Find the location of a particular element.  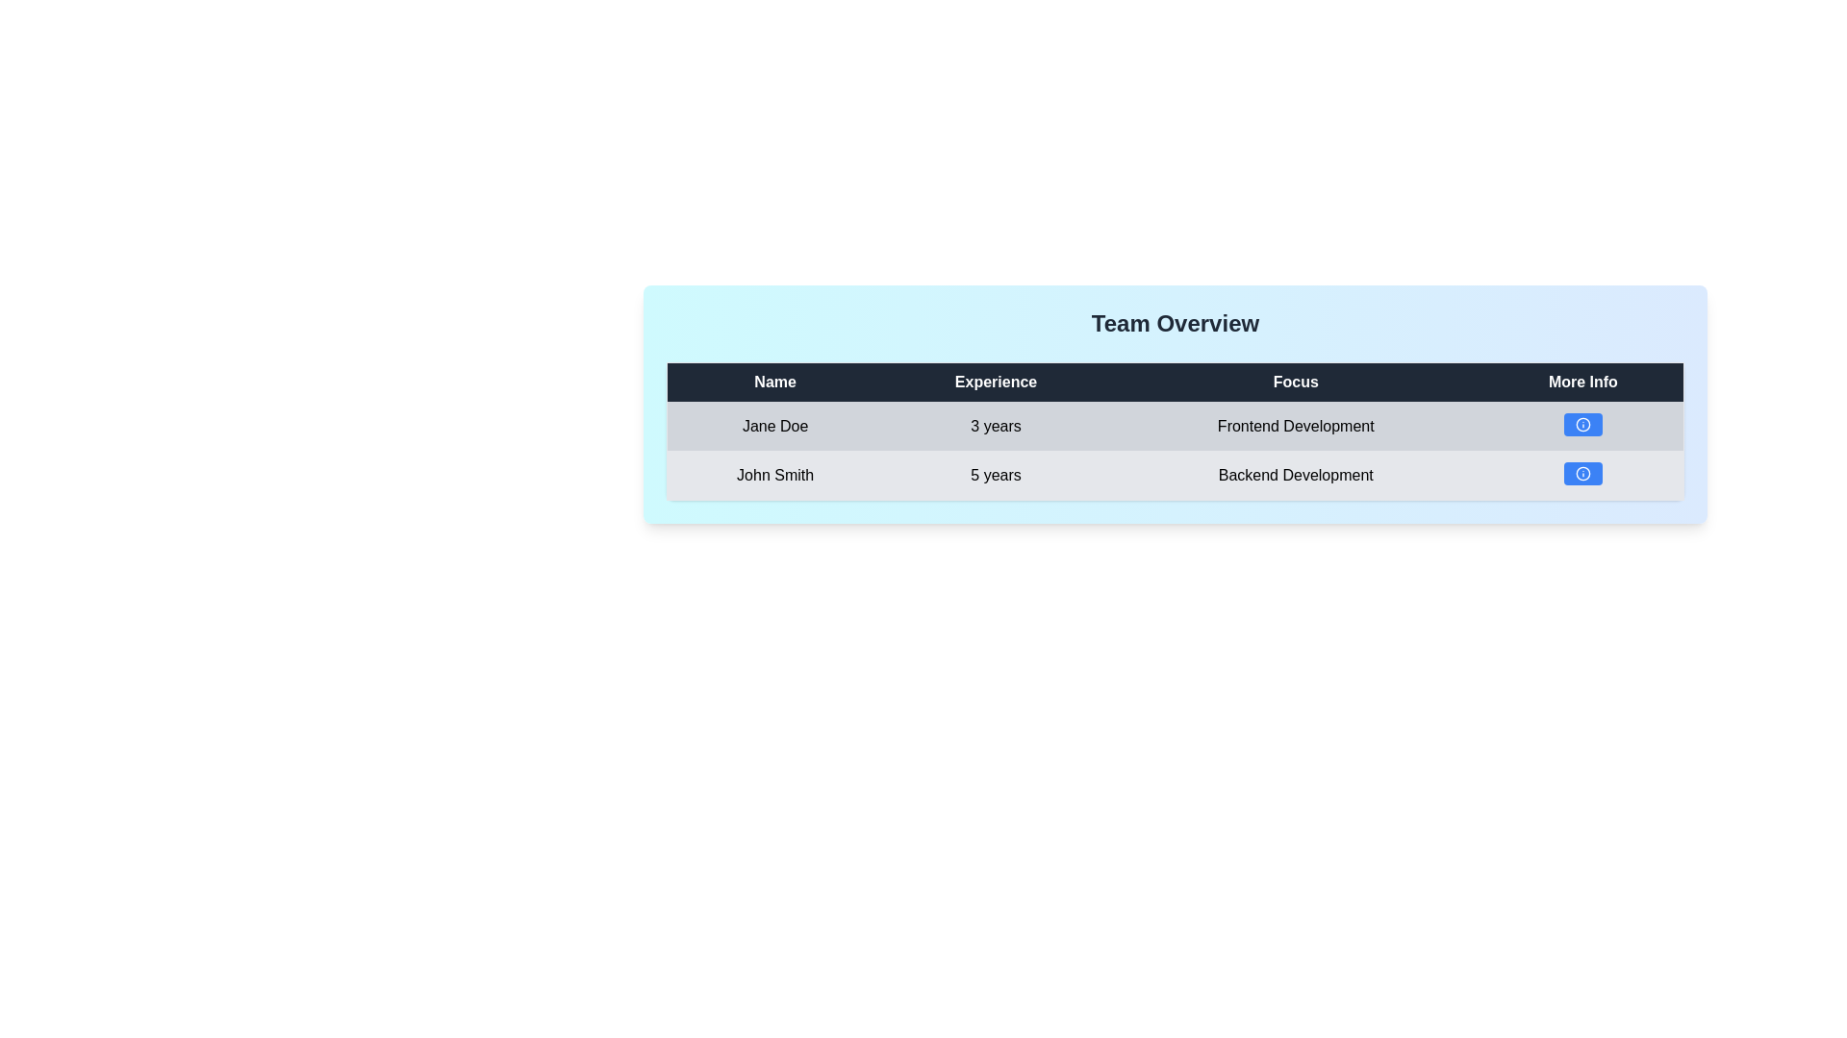

the static label text displaying 'Backend Development' in the 'Focus' column of the second row in the 'Team Overview' table is located at coordinates (1296, 475).